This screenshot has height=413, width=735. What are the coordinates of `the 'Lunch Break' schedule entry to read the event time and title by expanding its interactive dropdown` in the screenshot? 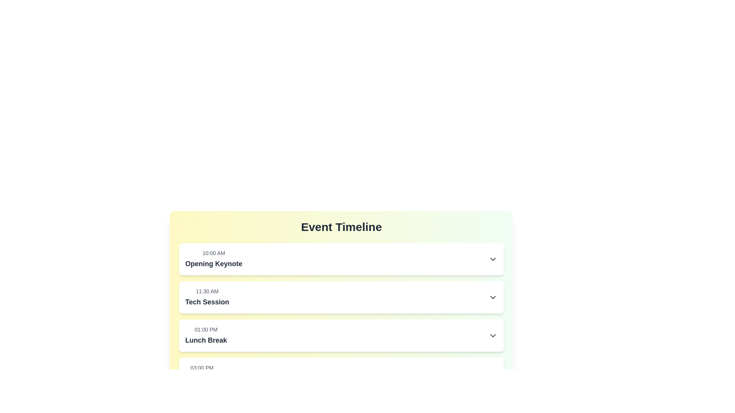 It's located at (341, 335).